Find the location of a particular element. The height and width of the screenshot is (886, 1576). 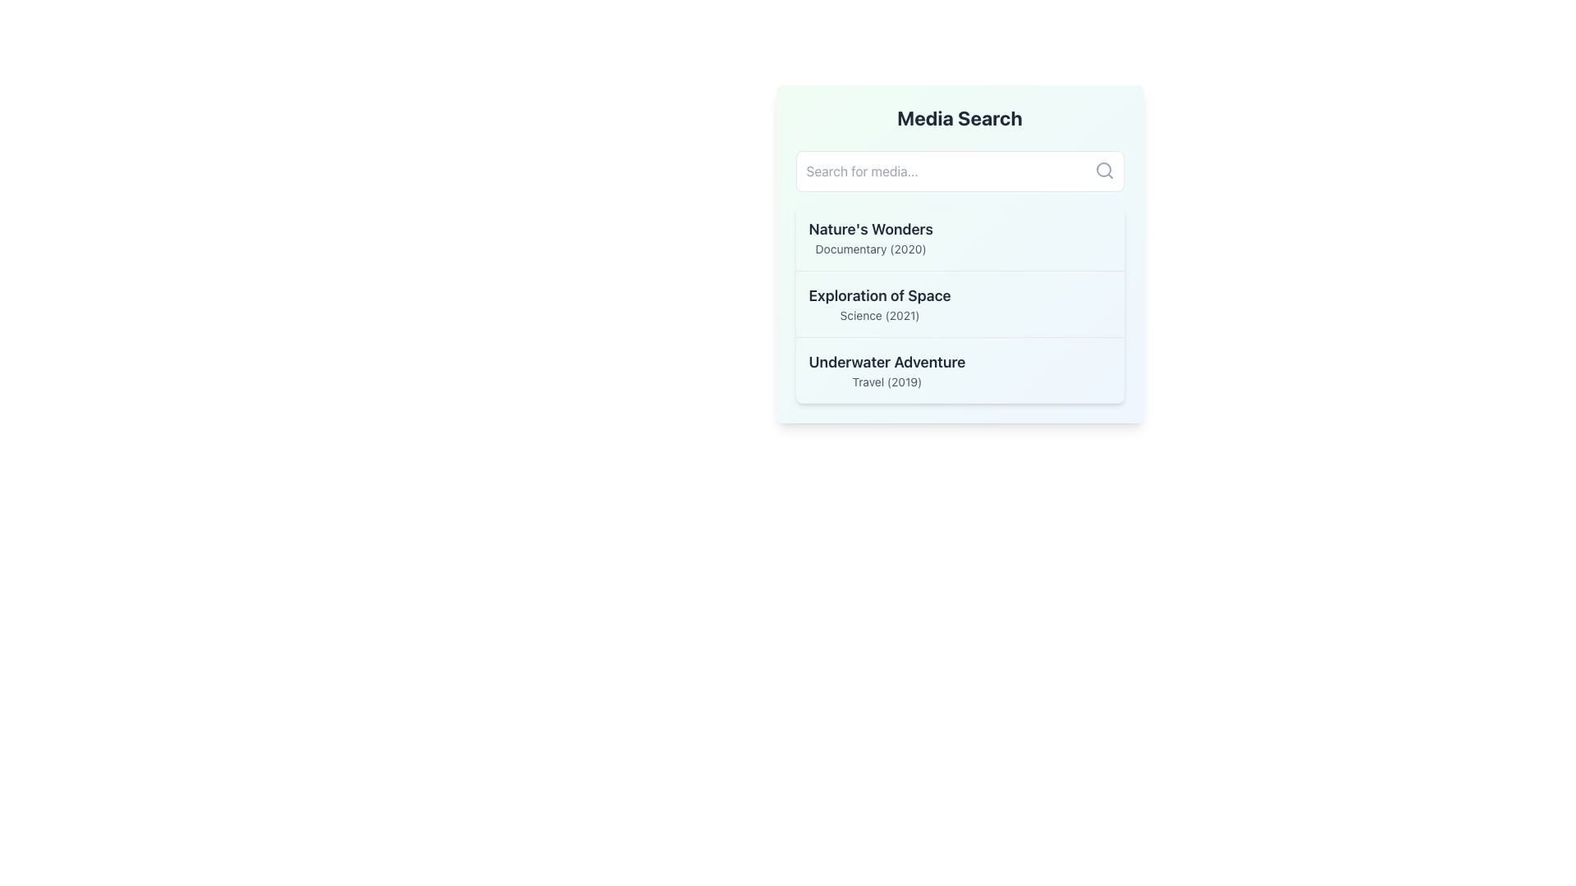

the magnifying glass icon located at the top-right corner of the search input field, which is characterized by a circular outline and a handle, rendered in a gray color is located at coordinates (1104, 171).